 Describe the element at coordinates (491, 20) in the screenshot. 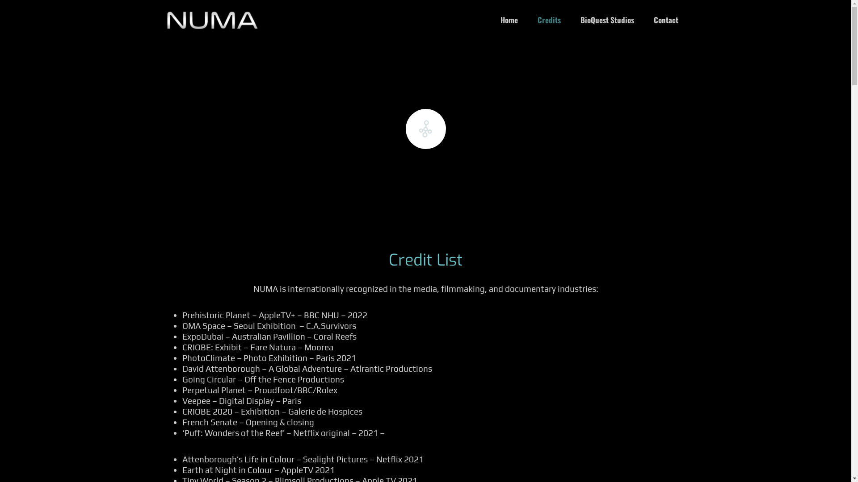

I see `'Home'` at that location.